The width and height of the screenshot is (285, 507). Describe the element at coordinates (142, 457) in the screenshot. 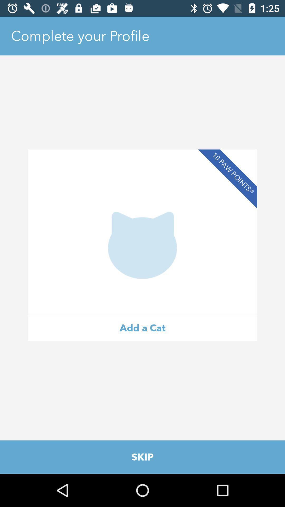

I see `the item below the add a cat` at that location.